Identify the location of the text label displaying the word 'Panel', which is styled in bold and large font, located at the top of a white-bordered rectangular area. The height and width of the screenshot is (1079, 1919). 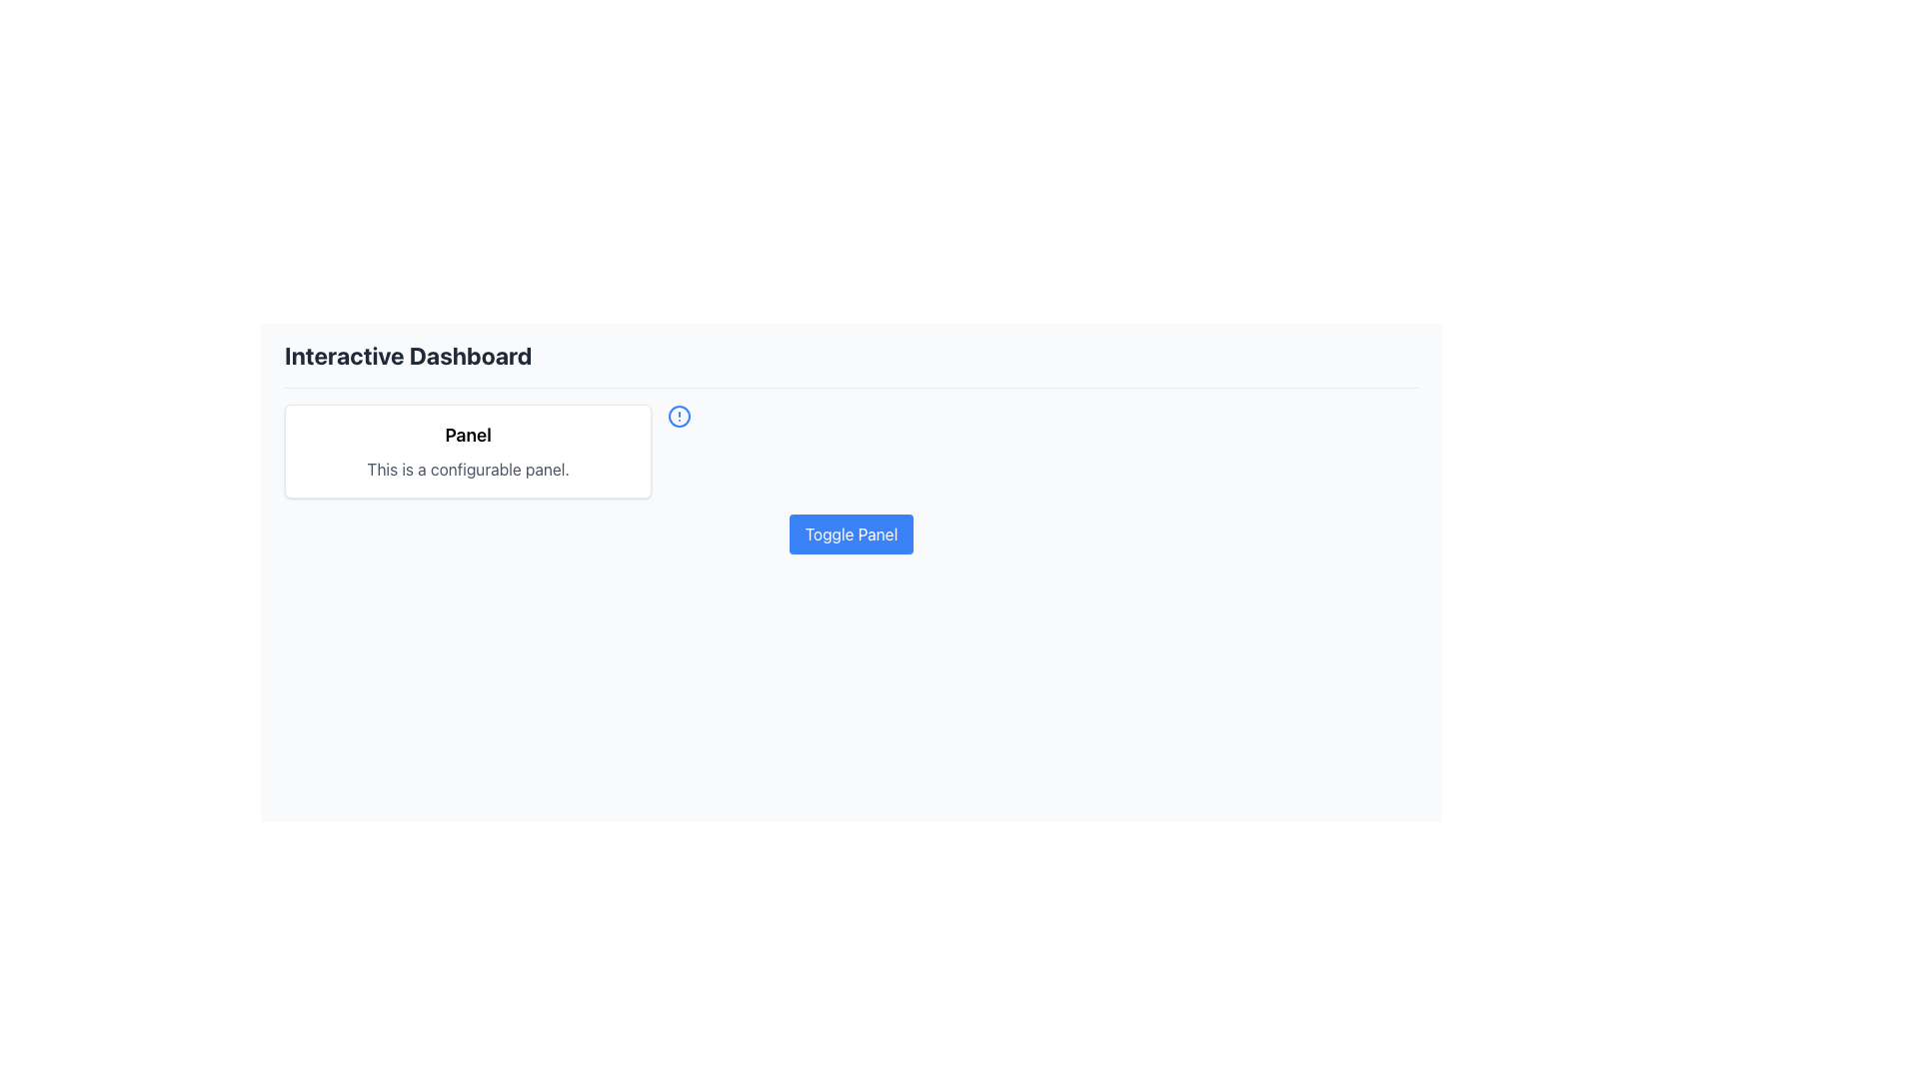
(467, 434).